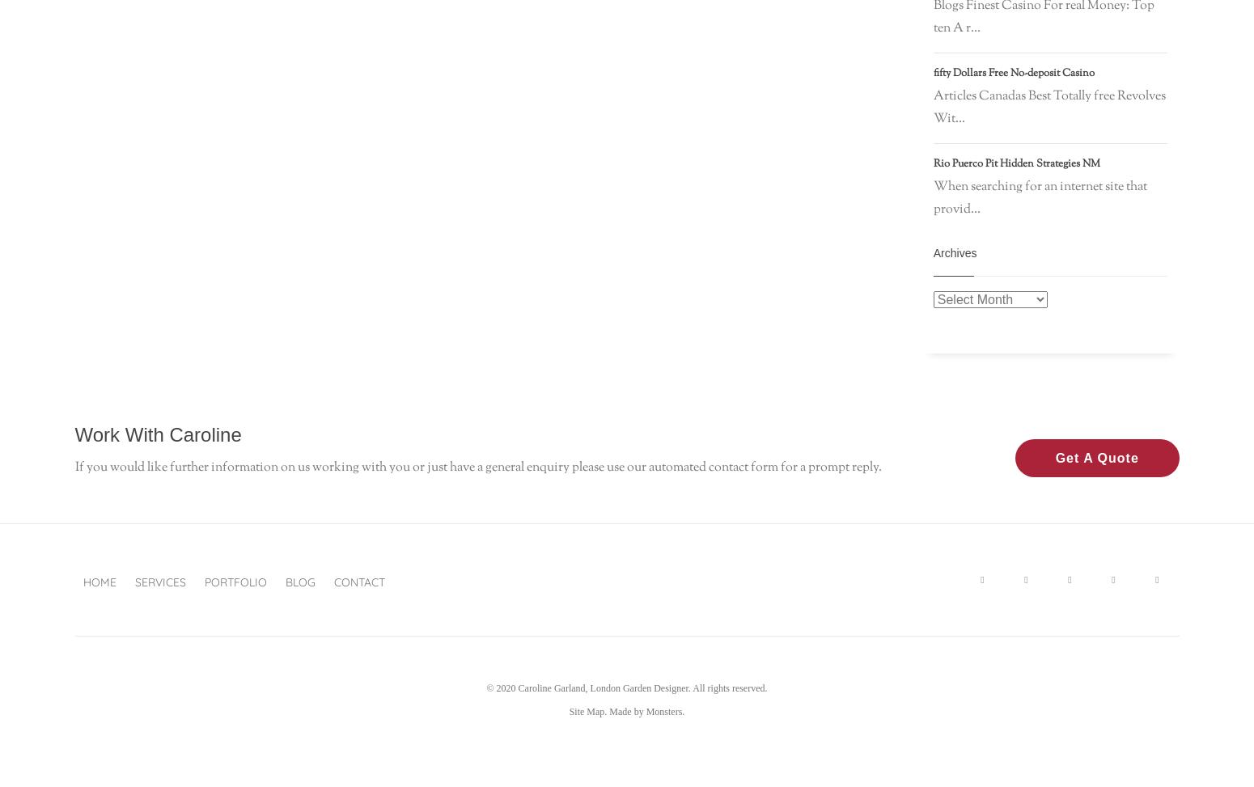 The width and height of the screenshot is (1254, 787). What do you see at coordinates (587, 711) in the screenshot?
I see `'Site Map.'` at bounding box center [587, 711].